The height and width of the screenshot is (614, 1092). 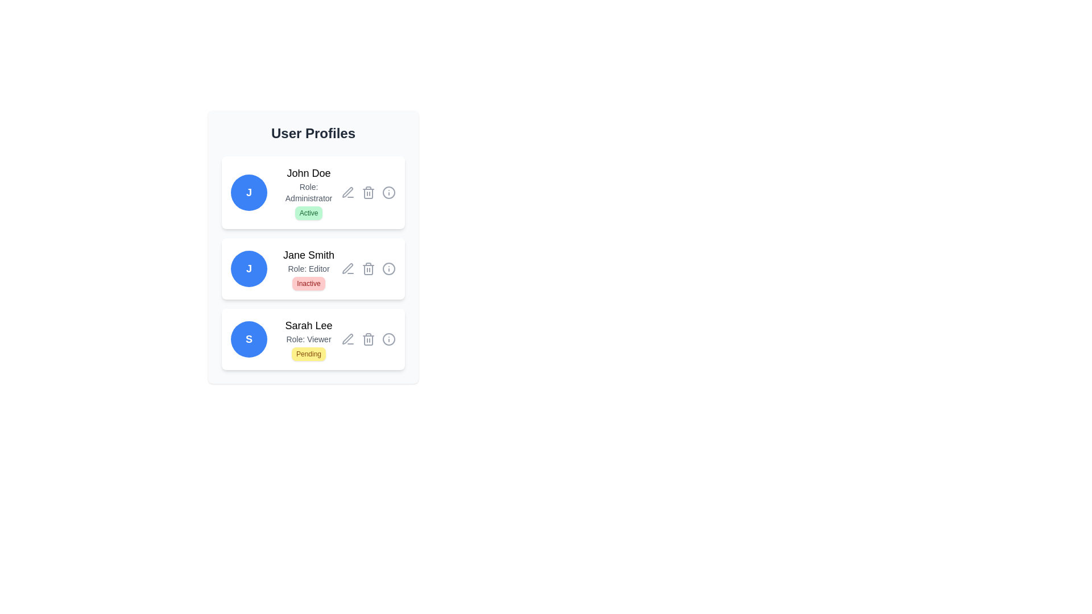 What do you see at coordinates (313, 263) in the screenshot?
I see `the profile card located at the center of the user profiles list` at bounding box center [313, 263].